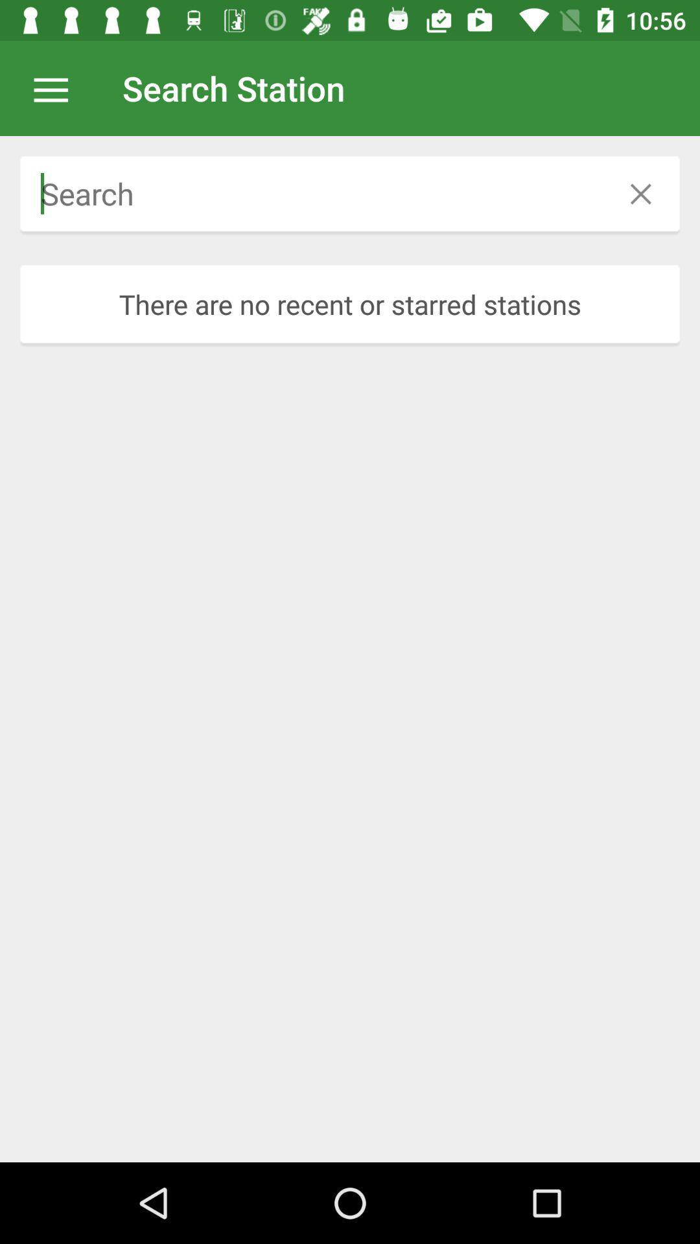 Image resolution: width=700 pixels, height=1244 pixels. I want to click on the close icon, so click(640, 193).